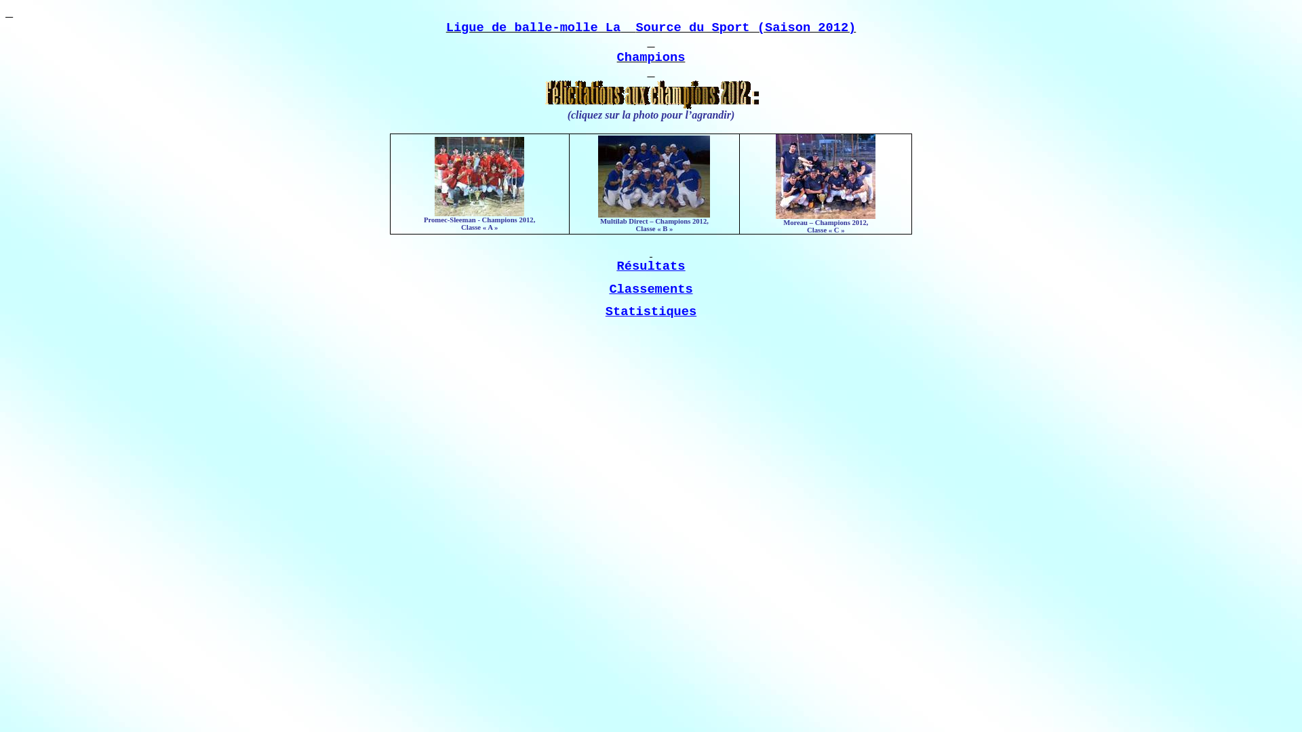 The image size is (1302, 732). What do you see at coordinates (650, 289) in the screenshot?
I see `'Classements'` at bounding box center [650, 289].